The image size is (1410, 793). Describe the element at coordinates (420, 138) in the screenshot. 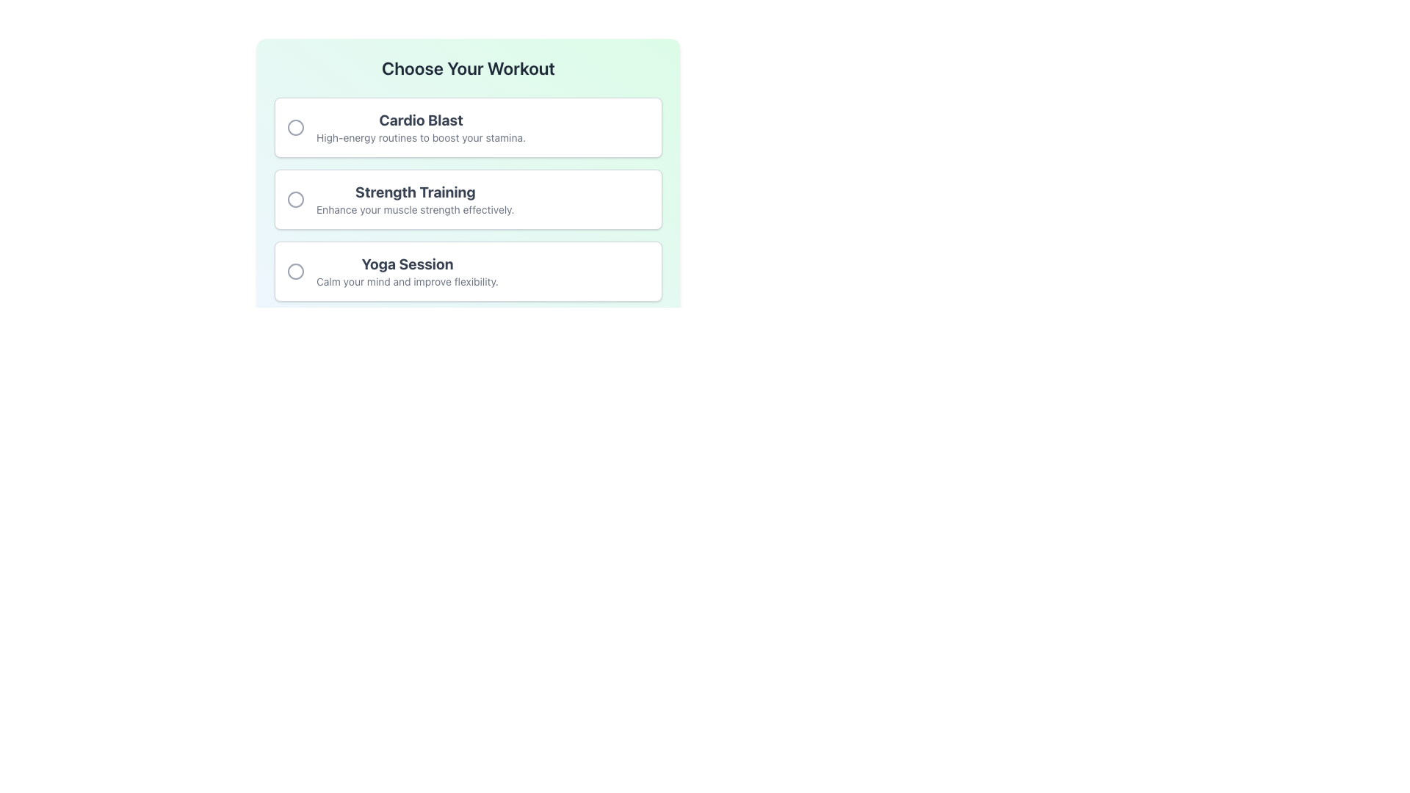

I see `the informational text label that provides details about the 'Cardio Blast' workout option, located below the 'Cardio Blast' text` at that location.